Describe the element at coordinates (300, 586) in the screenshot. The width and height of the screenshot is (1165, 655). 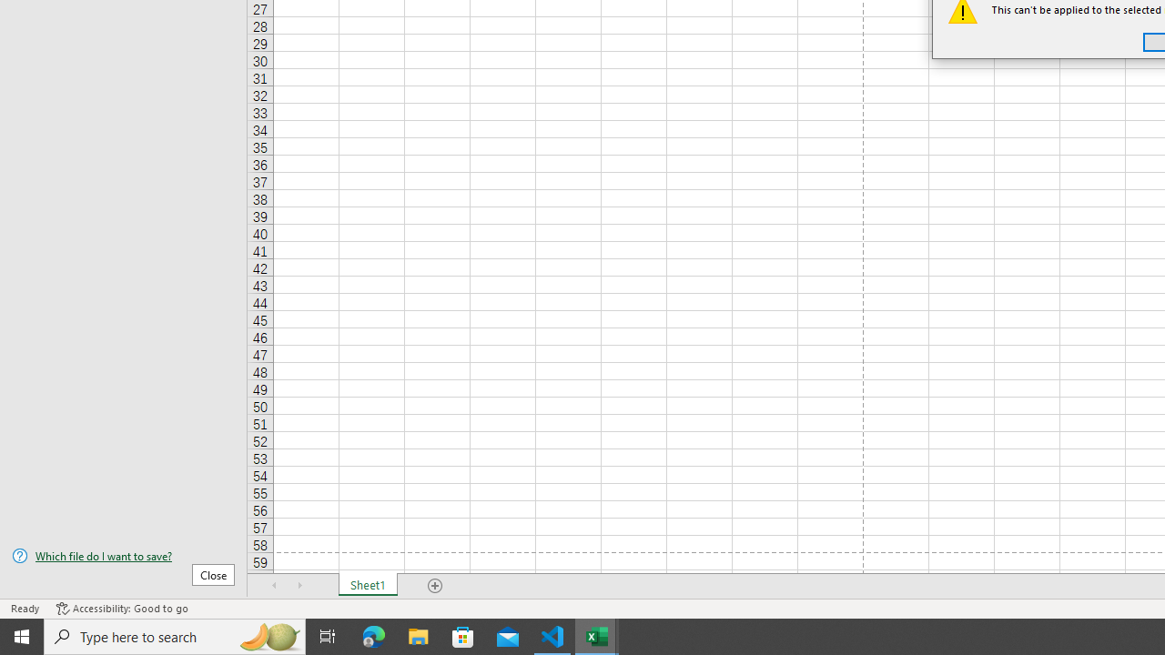
I see `'Scroll Right'` at that location.